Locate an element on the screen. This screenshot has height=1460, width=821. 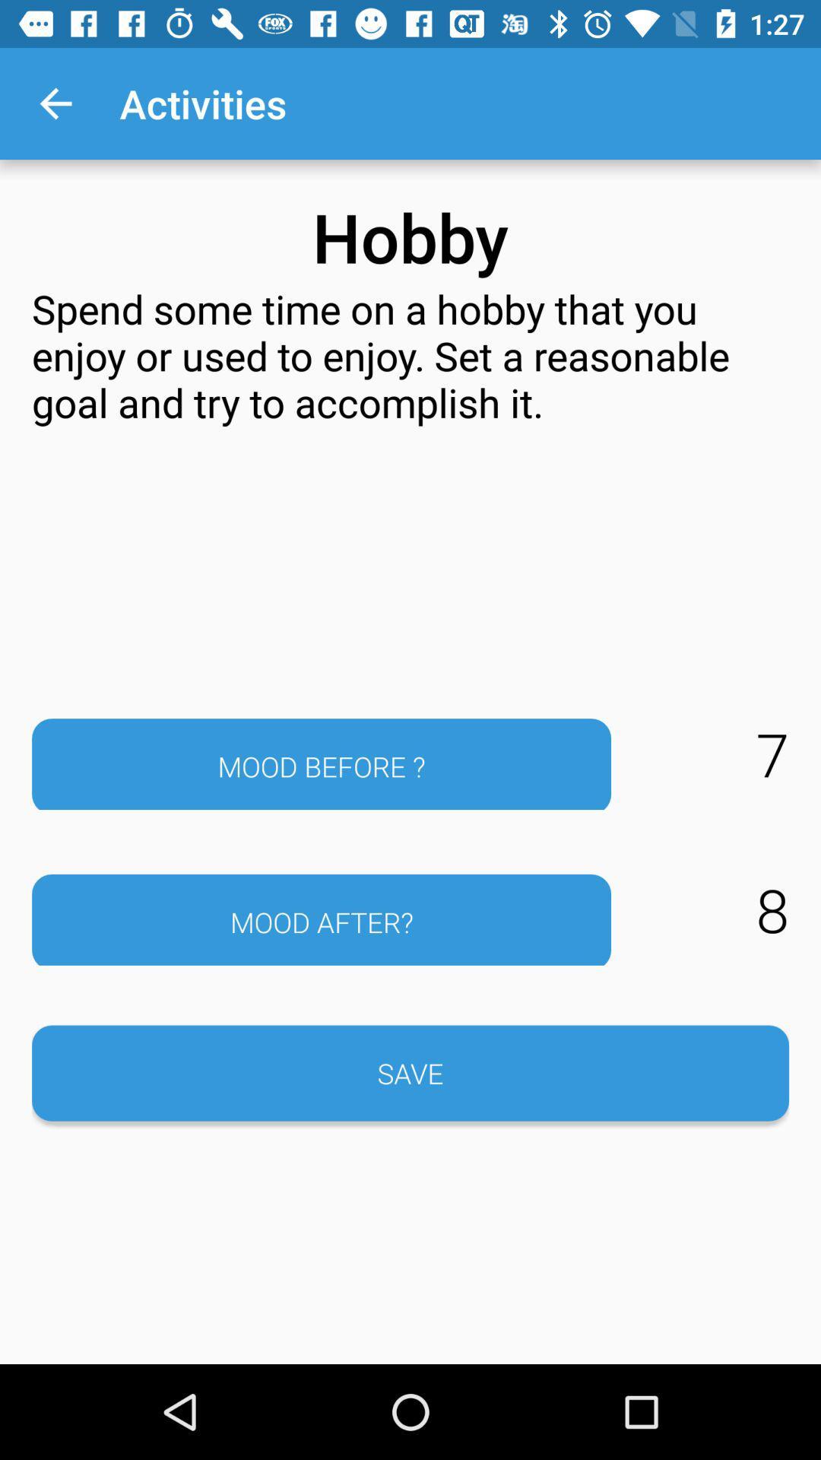
button below the mood after? is located at coordinates (410, 1072).